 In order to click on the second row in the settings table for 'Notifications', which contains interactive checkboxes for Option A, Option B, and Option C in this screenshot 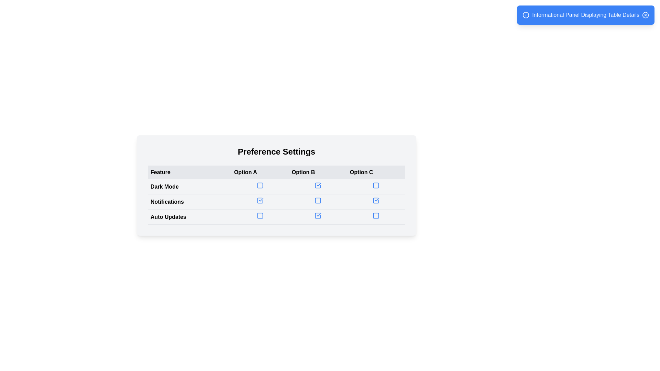, I will do `click(276, 201)`.